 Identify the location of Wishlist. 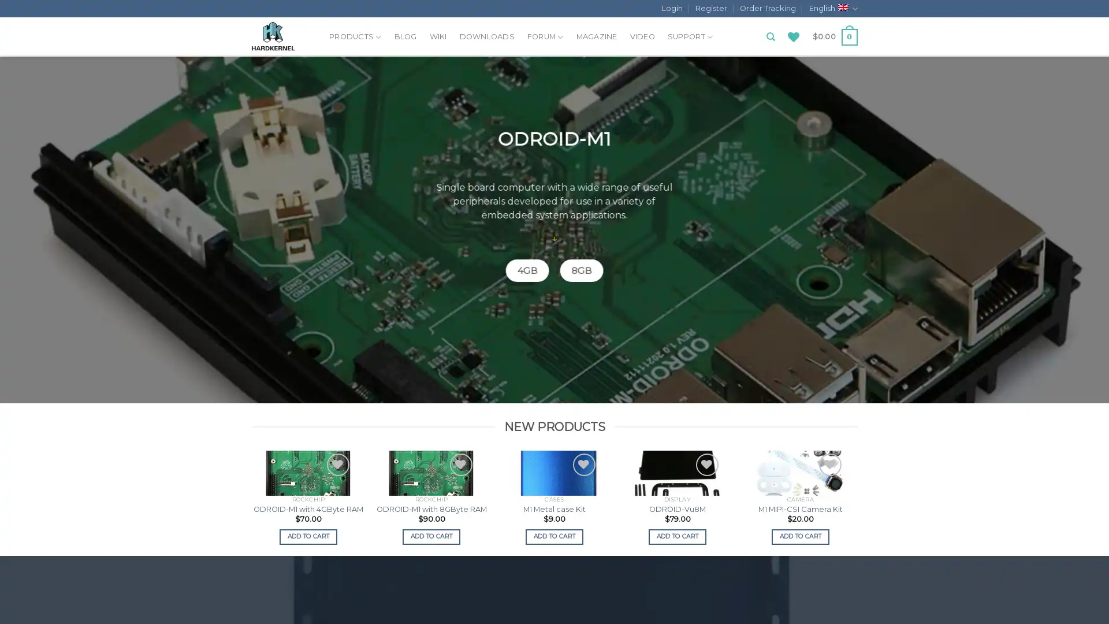
(337, 464).